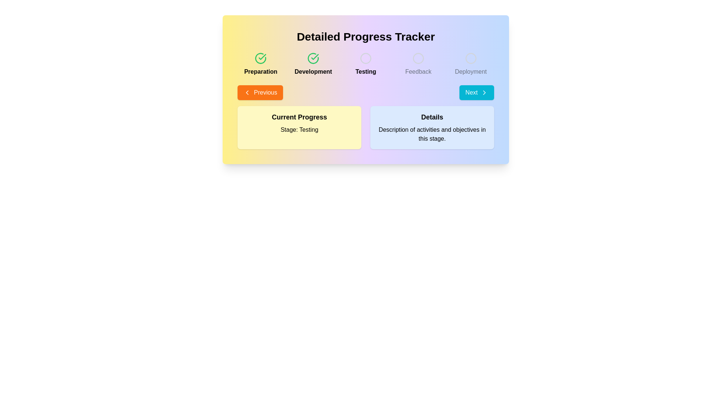 The image size is (716, 402). I want to click on the 'Development' phase progress tracker step indicator, which visually indicates its completion with a green checkmark icon, located under the 'Detailed Progress Tracker' header, so click(313, 64).